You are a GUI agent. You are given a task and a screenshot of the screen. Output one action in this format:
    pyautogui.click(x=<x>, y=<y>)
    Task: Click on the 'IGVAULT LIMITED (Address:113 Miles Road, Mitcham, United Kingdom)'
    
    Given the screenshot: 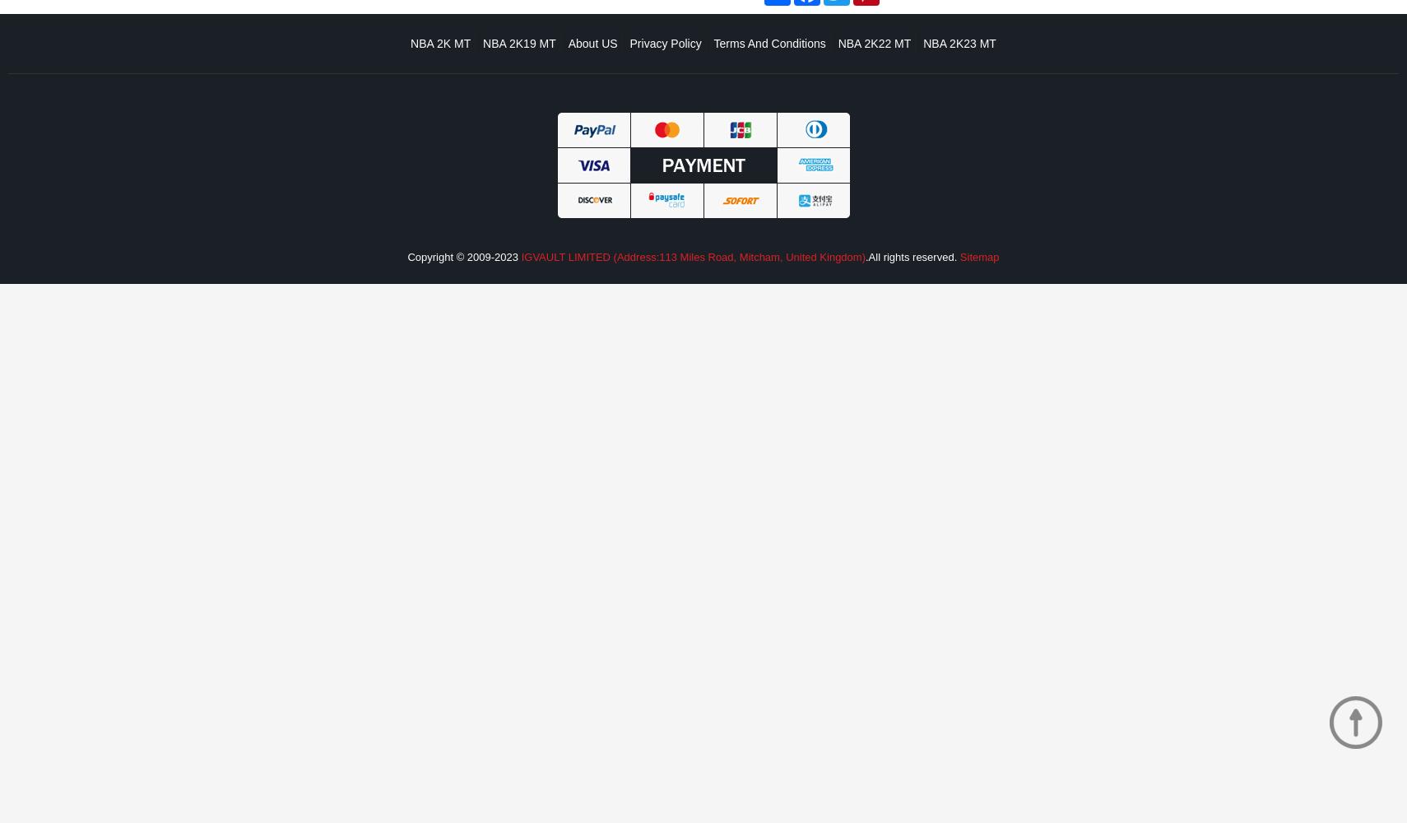 What is the action you would take?
    pyautogui.click(x=693, y=257)
    